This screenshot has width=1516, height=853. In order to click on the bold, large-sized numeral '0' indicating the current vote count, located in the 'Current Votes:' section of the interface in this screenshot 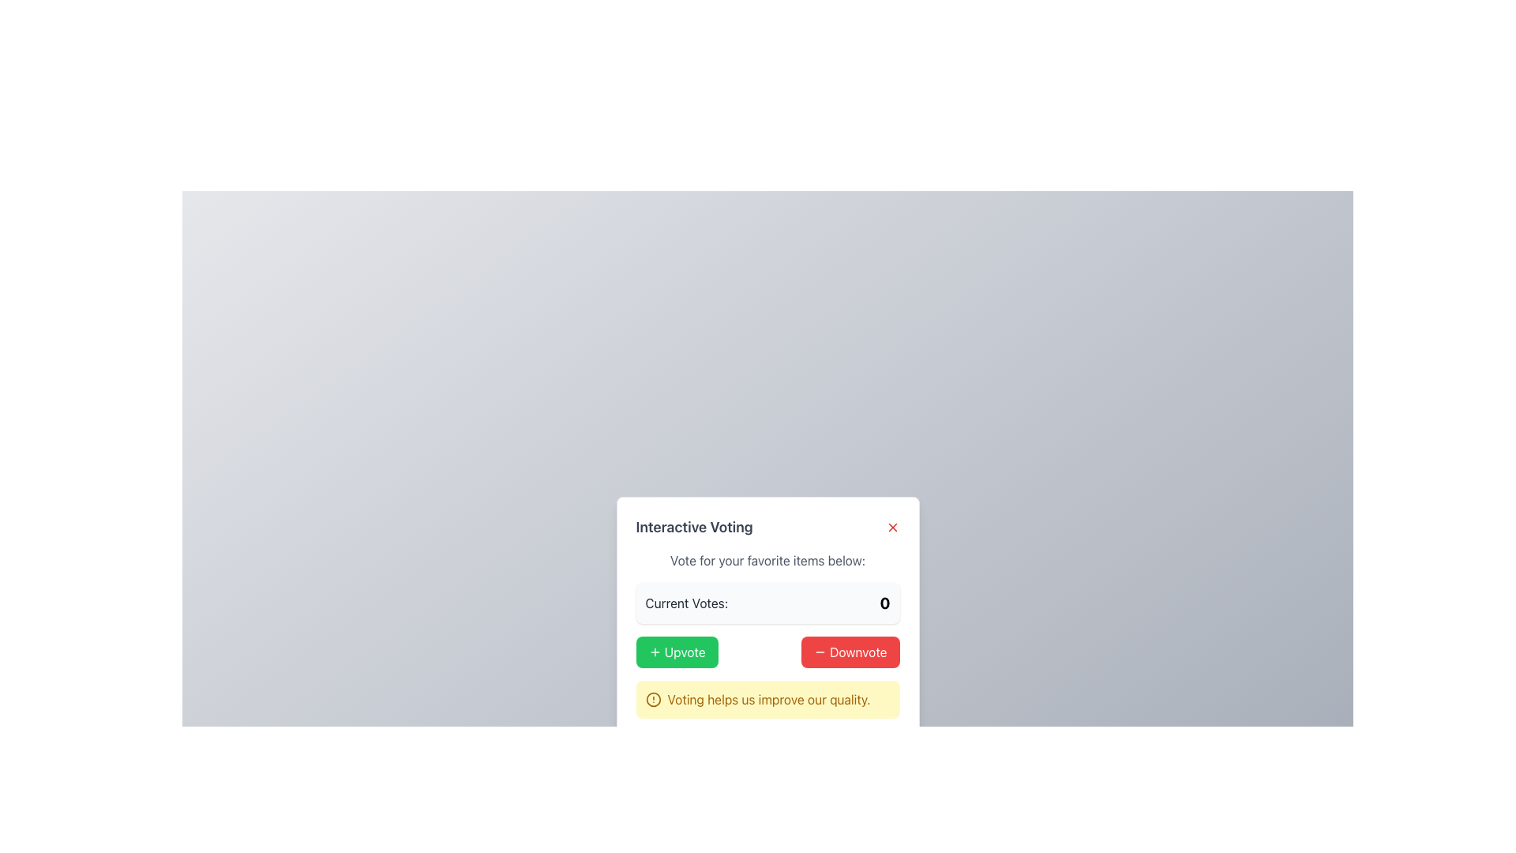, I will do `click(884, 603)`.